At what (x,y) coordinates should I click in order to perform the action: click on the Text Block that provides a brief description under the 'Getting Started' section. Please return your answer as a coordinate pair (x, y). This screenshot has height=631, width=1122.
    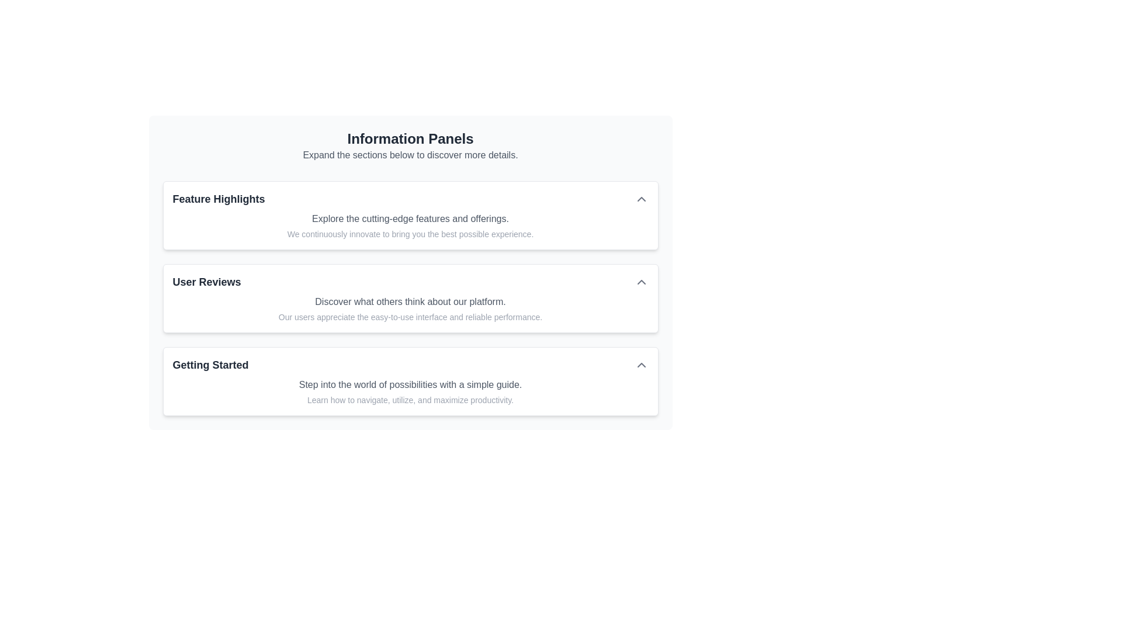
    Looking at the image, I should click on (410, 385).